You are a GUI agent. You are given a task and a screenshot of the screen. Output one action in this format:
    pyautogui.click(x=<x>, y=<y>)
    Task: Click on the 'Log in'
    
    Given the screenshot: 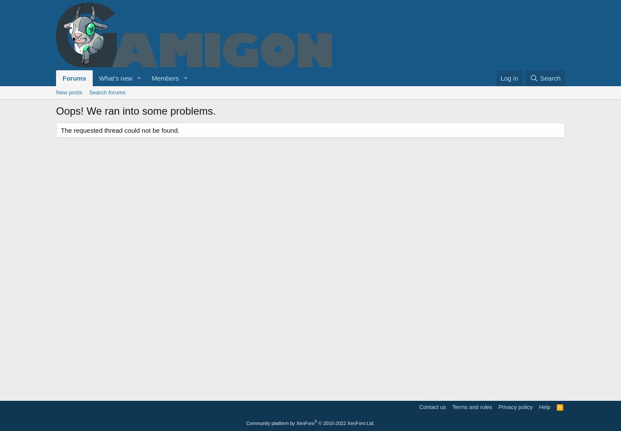 What is the action you would take?
    pyautogui.click(x=500, y=78)
    